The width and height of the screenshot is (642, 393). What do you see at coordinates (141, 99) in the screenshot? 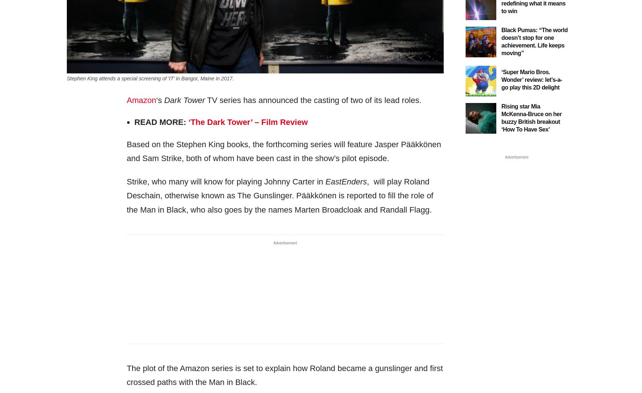
I see `'Amazon'` at bounding box center [141, 99].